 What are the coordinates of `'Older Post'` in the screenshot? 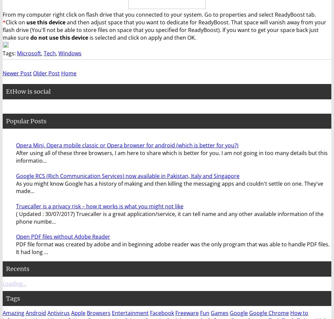 It's located at (46, 73).